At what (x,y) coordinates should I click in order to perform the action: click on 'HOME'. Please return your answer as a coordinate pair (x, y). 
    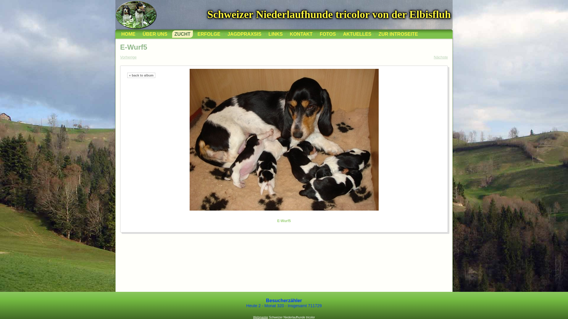
    Looking at the image, I should click on (128, 34).